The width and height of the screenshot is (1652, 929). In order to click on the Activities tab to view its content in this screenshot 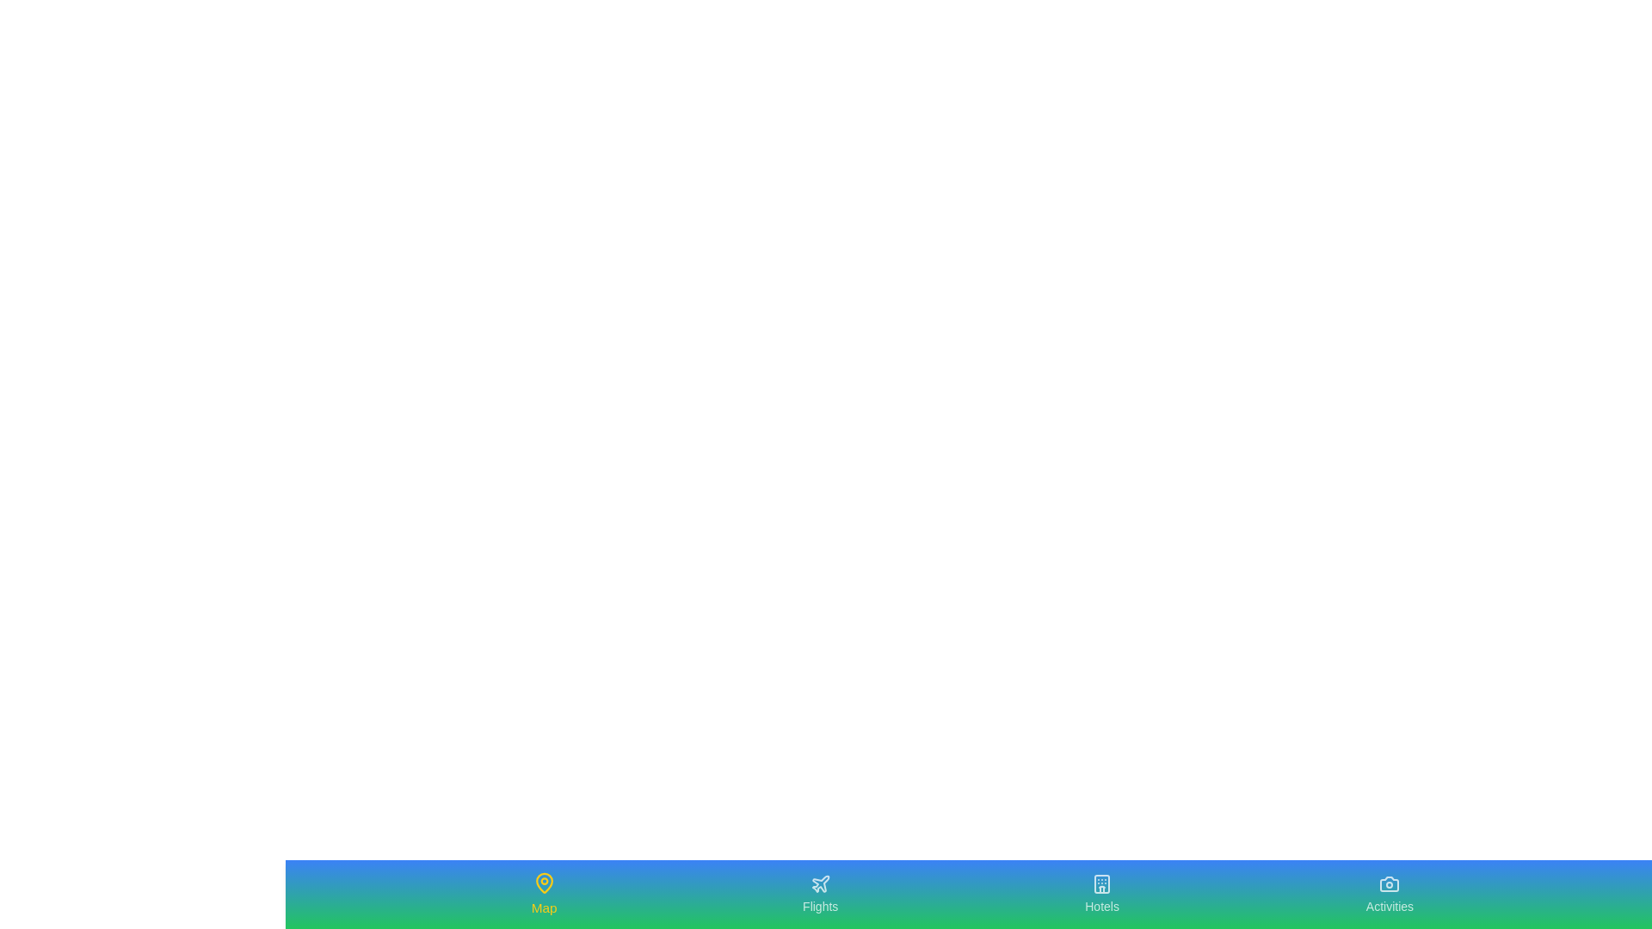, I will do `click(1389, 894)`.